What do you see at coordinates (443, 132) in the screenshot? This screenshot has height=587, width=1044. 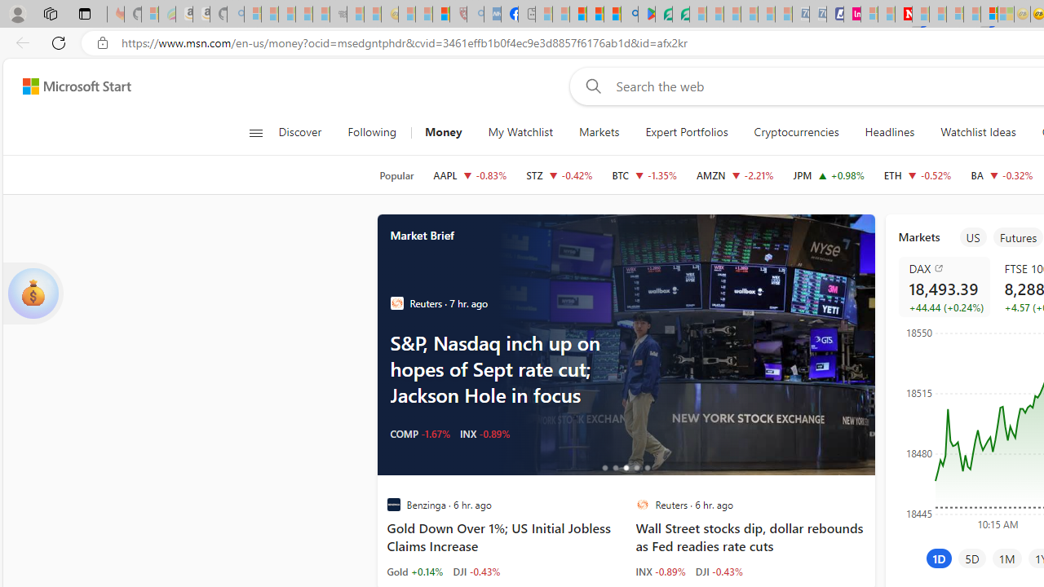 I see `'Money'` at bounding box center [443, 132].